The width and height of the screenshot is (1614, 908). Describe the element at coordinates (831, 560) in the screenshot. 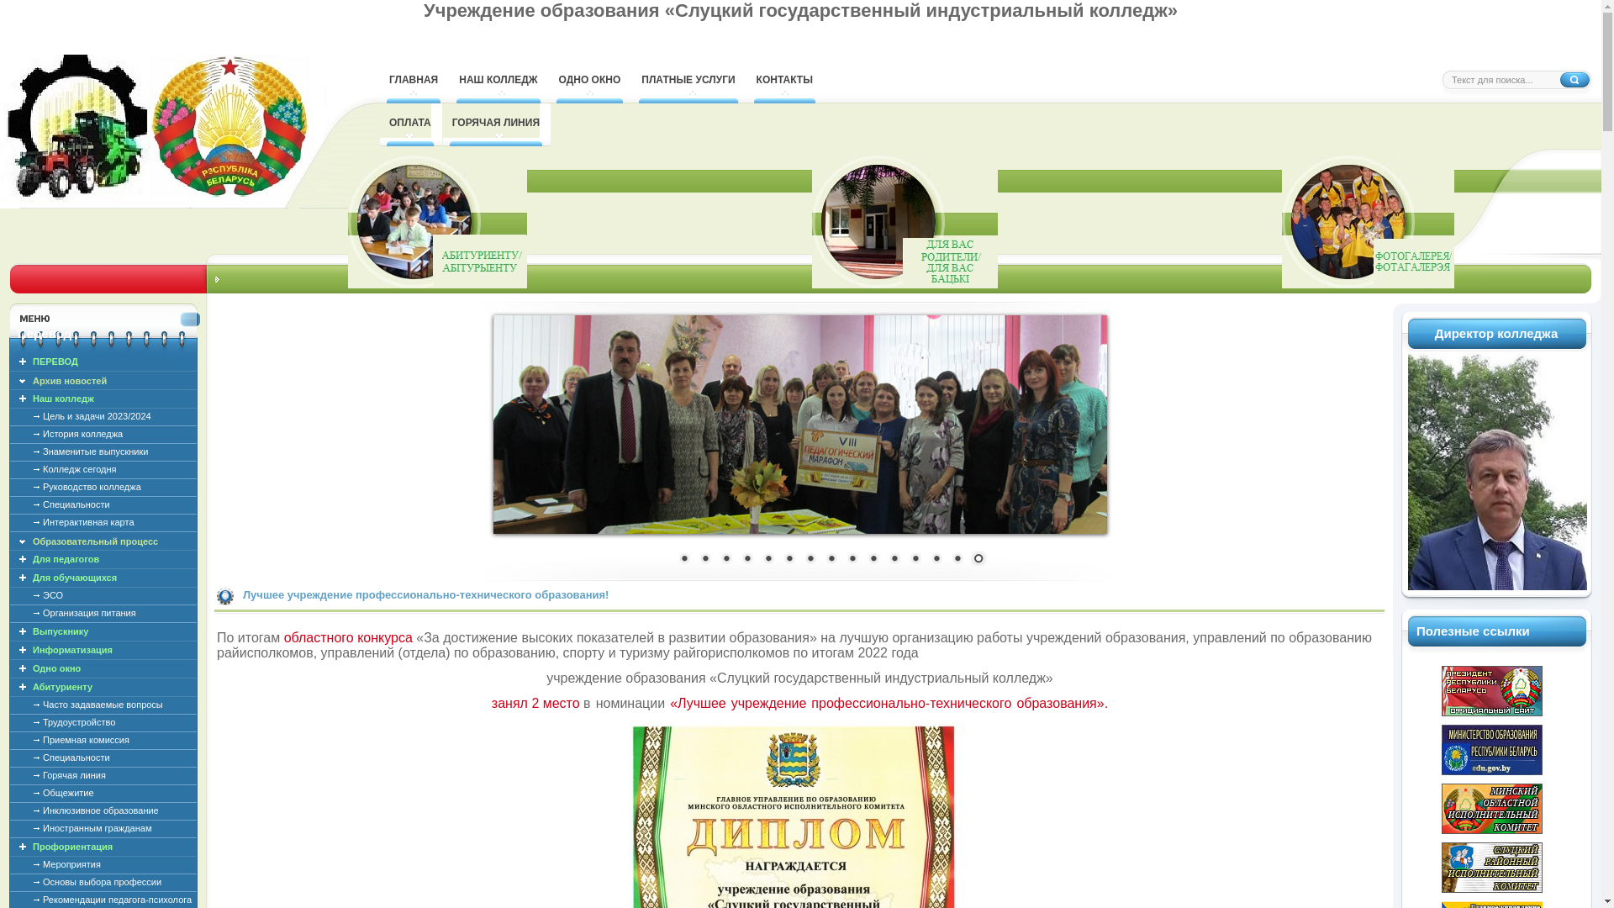

I see `'8'` at that location.